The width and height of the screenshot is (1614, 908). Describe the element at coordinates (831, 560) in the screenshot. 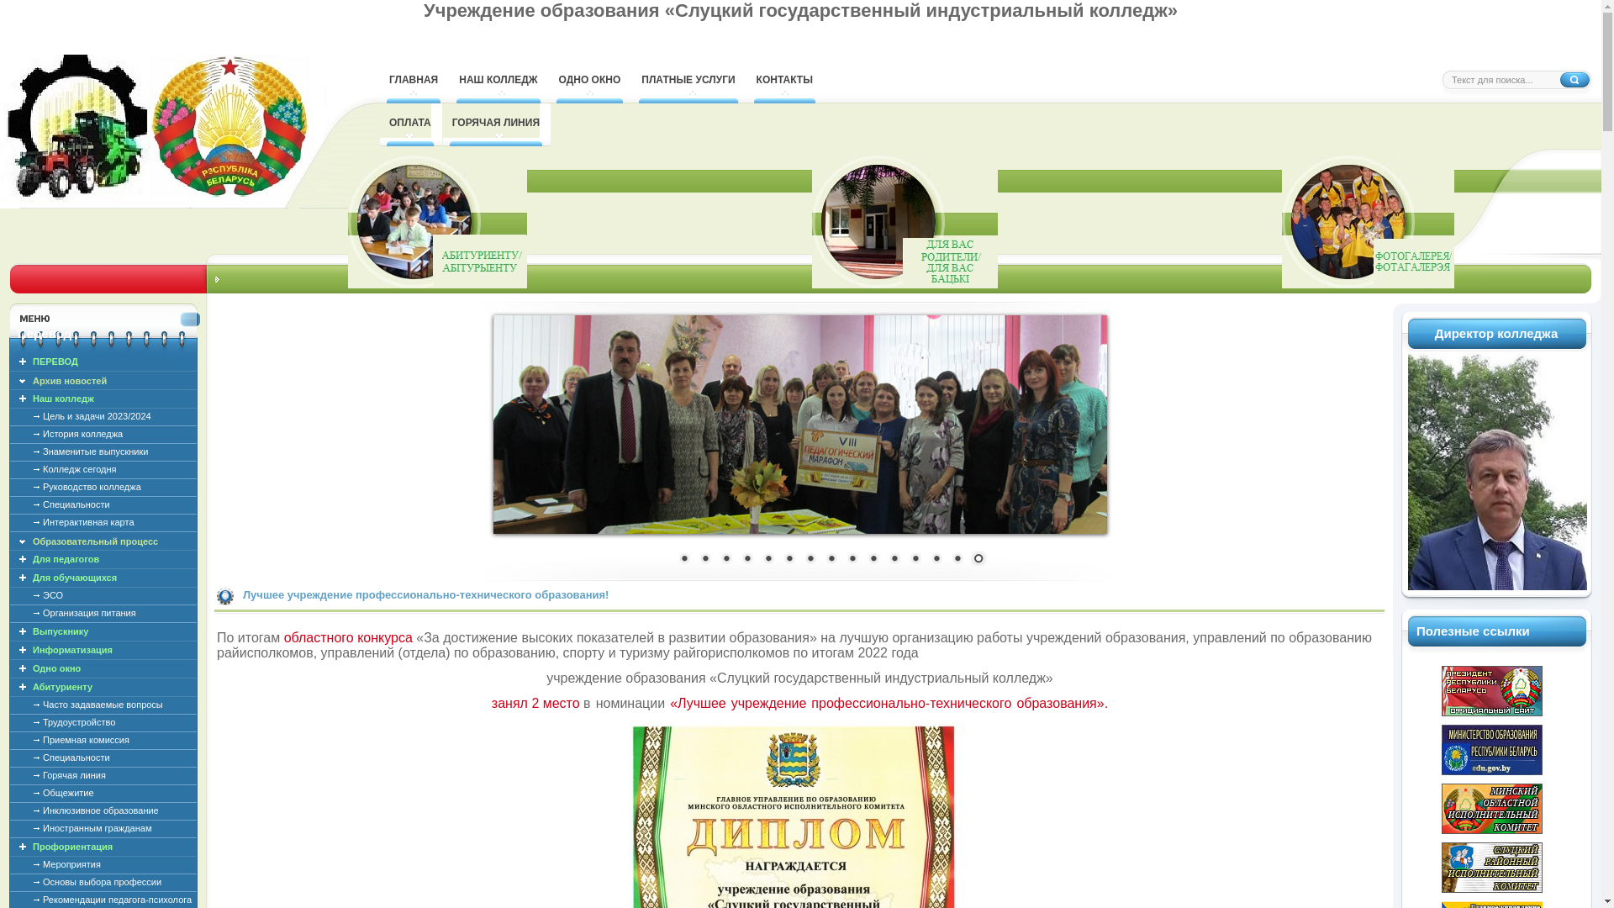

I see `'8'` at that location.